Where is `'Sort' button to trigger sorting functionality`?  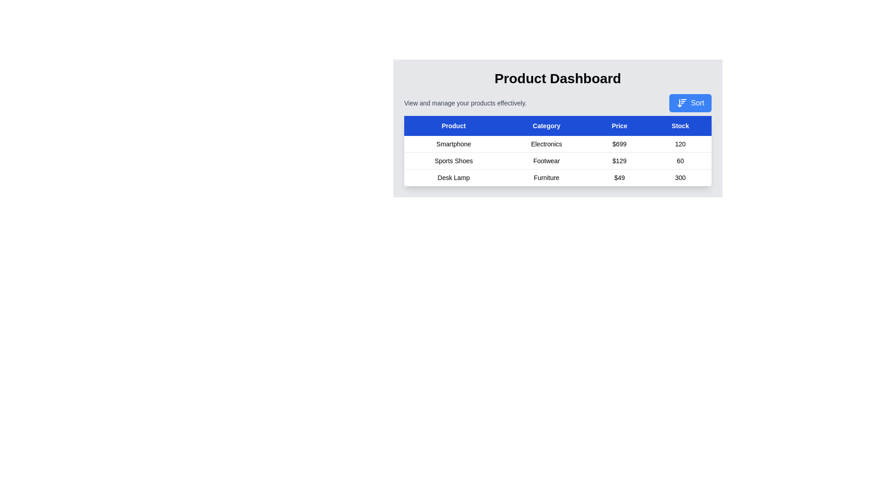
'Sort' button to trigger sorting functionality is located at coordinates (690, 103).